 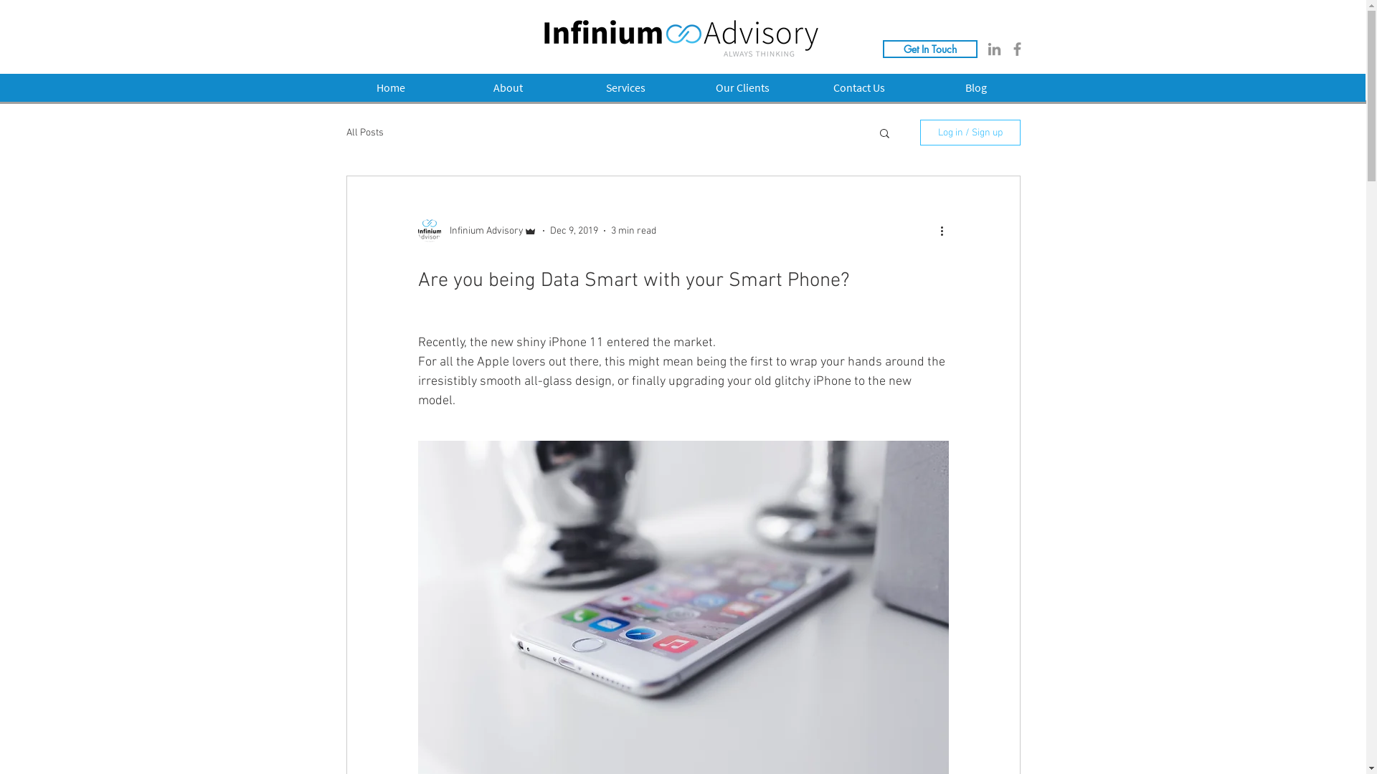 I want to click on 'Services', so click(x=625, y=87).